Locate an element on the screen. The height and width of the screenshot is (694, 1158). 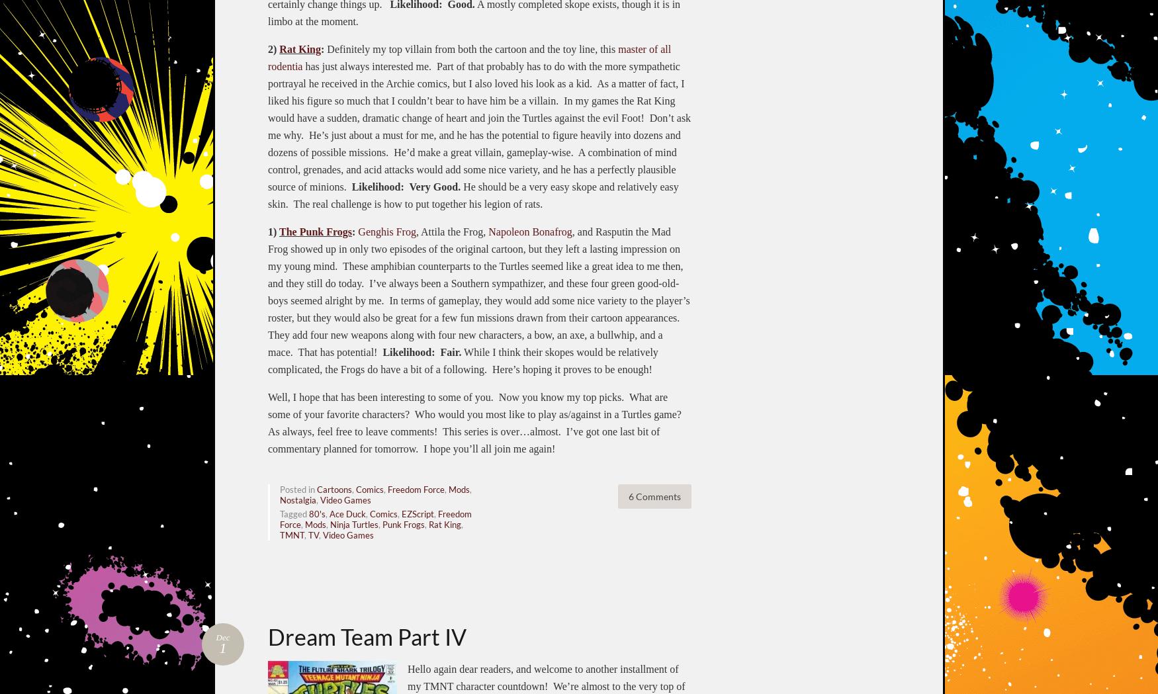
'Punk Frogs' is located at coordinates (404, 523).